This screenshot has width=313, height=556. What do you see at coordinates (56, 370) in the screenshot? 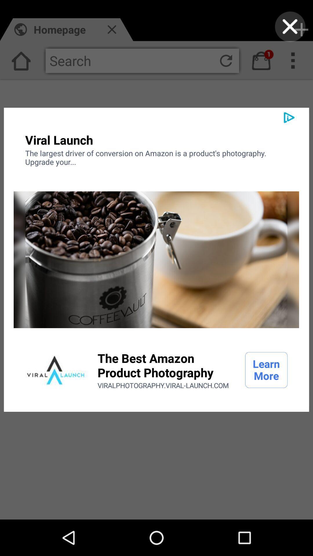
I see `application` at bounding box center [56, 370].